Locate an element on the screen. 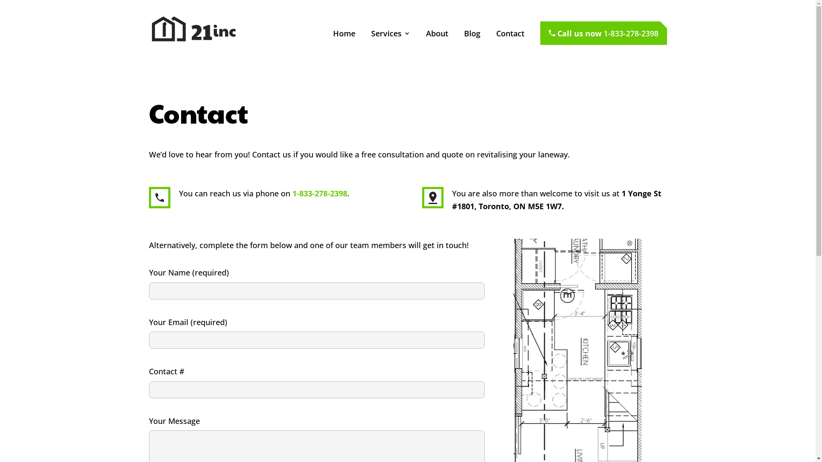  'About' is located at coordinates (436, 44).